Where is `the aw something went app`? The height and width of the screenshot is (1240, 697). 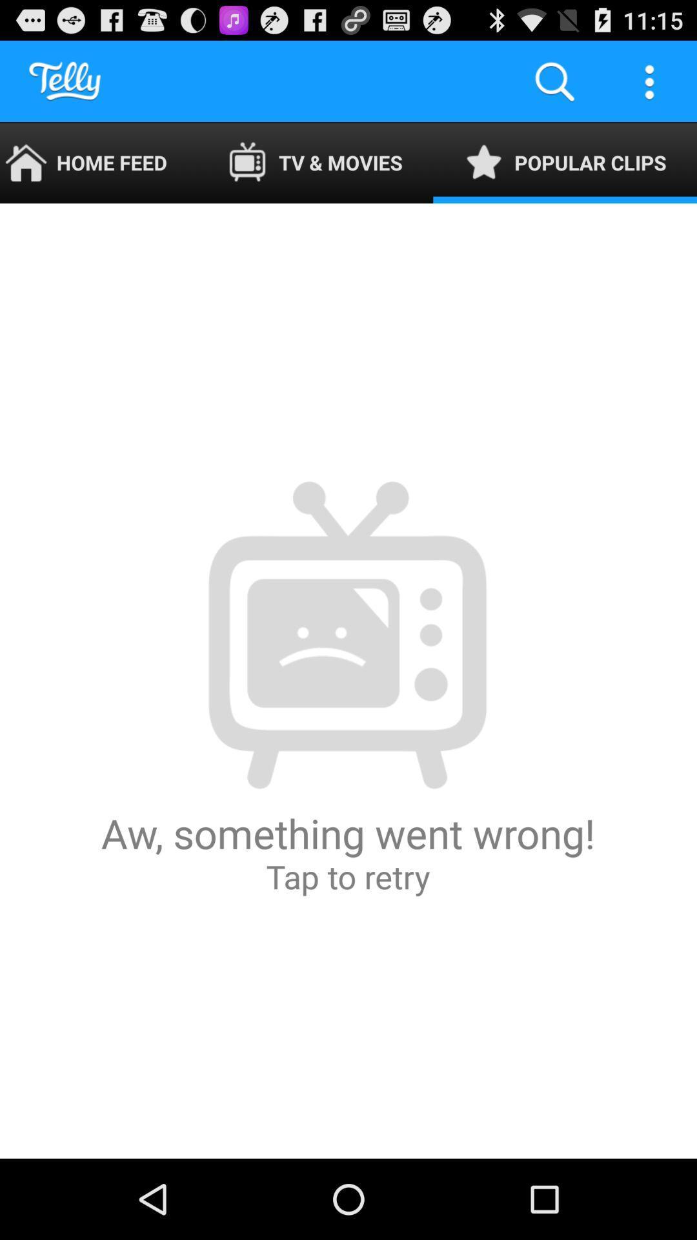 the aw something went app is located at coordinates (347, 680).